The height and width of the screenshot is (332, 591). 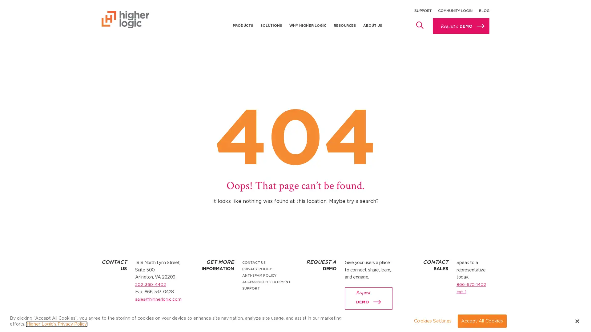 What do you see at coordinates (481, 321) in the screenshot?
I see `Accept All Cookies` at bounding box center [481, 321].